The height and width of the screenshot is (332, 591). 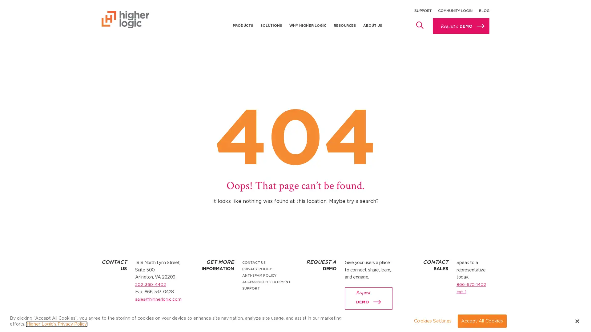 What do you see at coordinates (481, 321) in the screenshot?
I see `Accept All Cookies` at bounding box center [481, 321].